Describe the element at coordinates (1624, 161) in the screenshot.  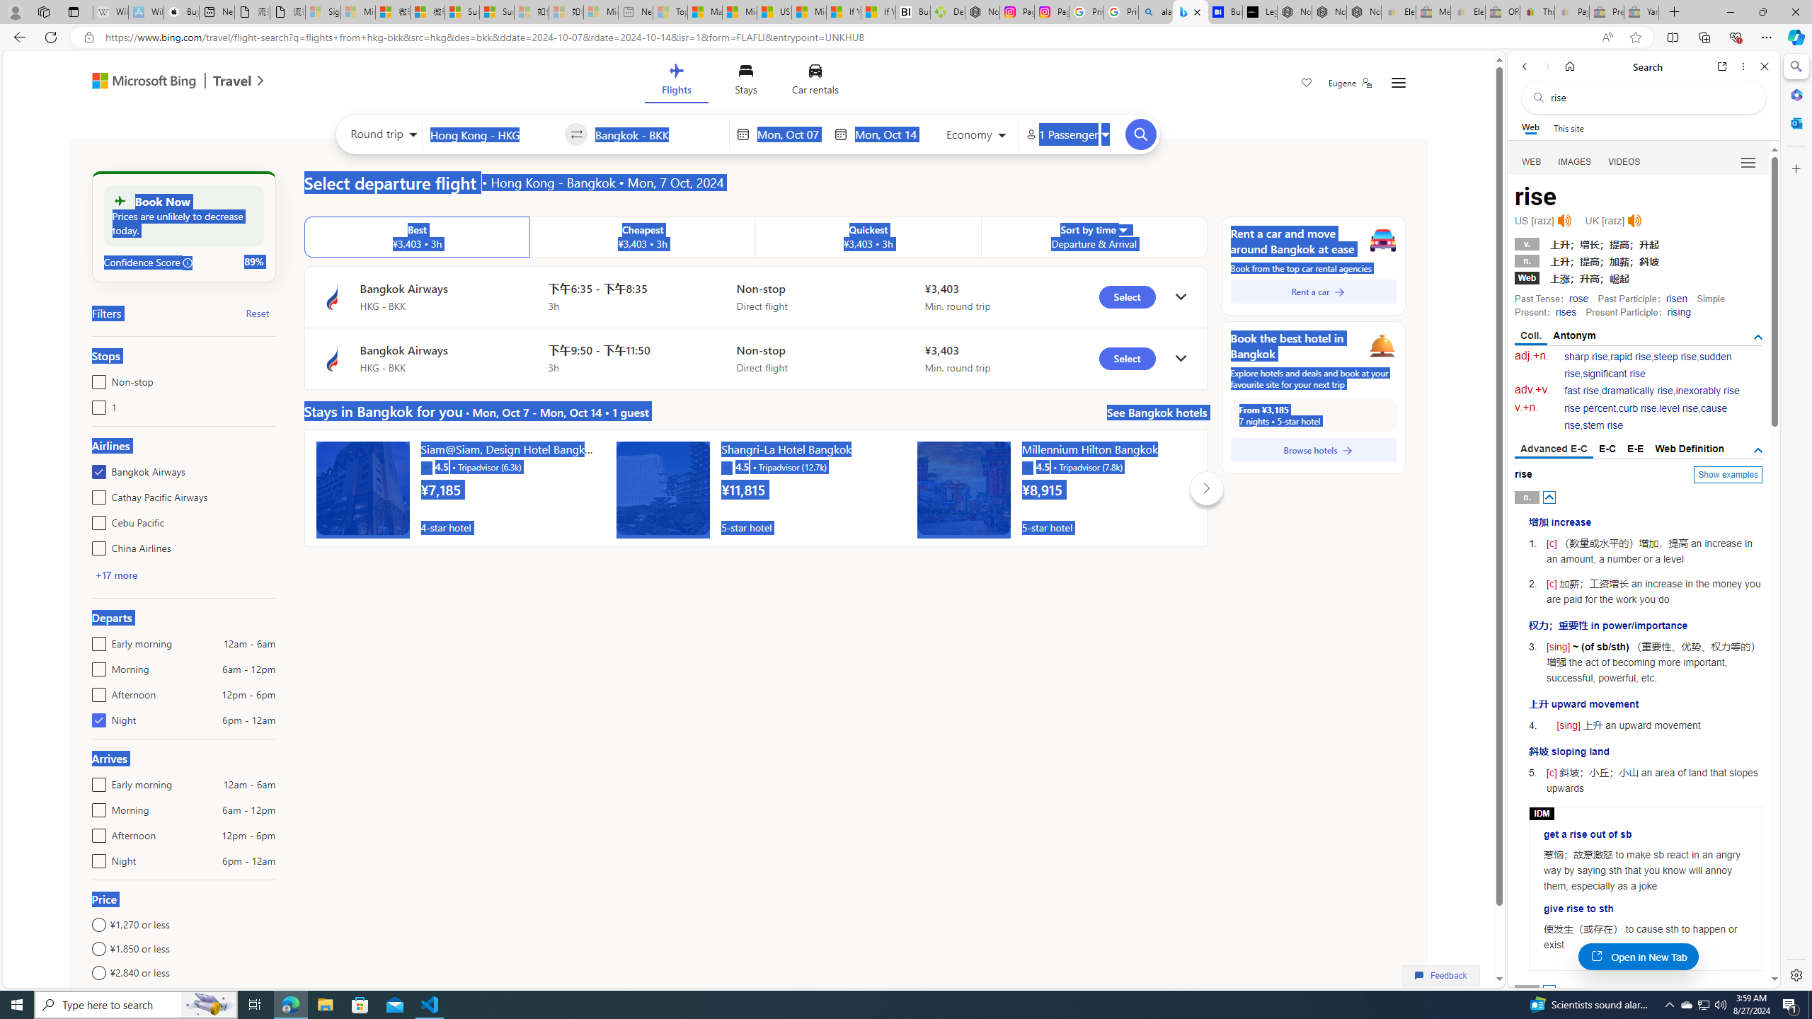
I see `'Search Filter, VIDEOS'` at that location.